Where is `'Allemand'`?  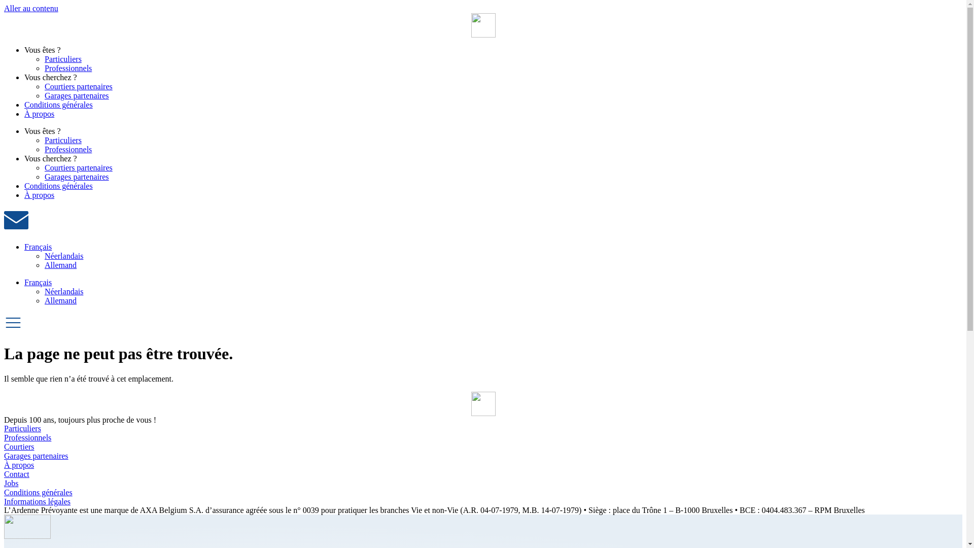
'Allemand' is located at coordinates (60, 300).